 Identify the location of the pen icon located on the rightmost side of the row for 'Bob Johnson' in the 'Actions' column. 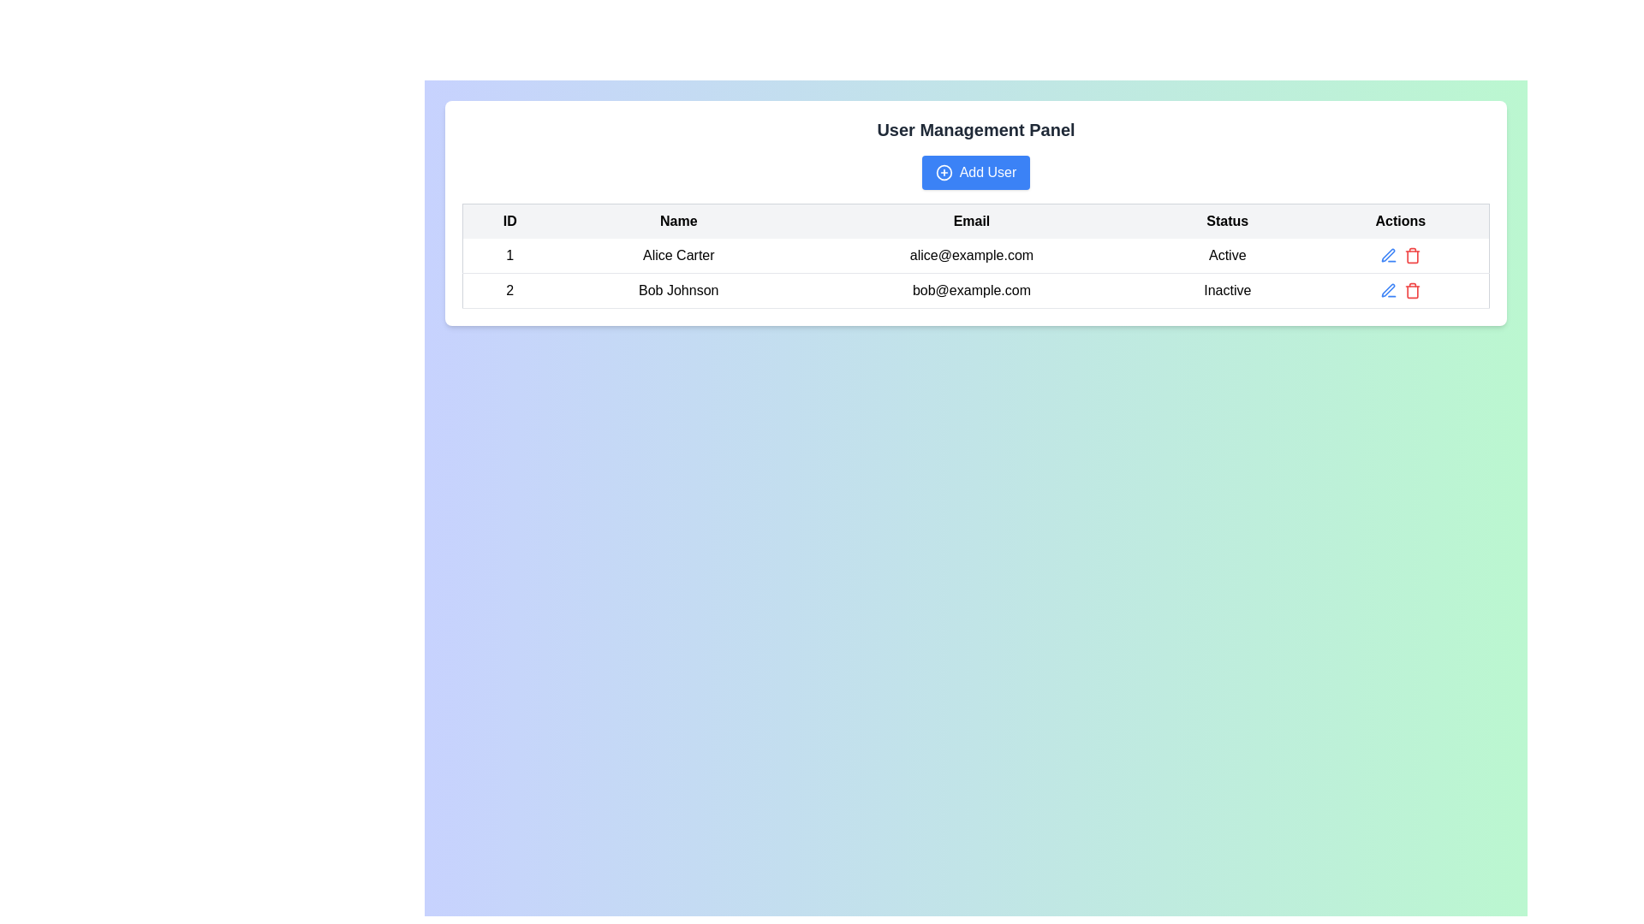
(1388, 255).